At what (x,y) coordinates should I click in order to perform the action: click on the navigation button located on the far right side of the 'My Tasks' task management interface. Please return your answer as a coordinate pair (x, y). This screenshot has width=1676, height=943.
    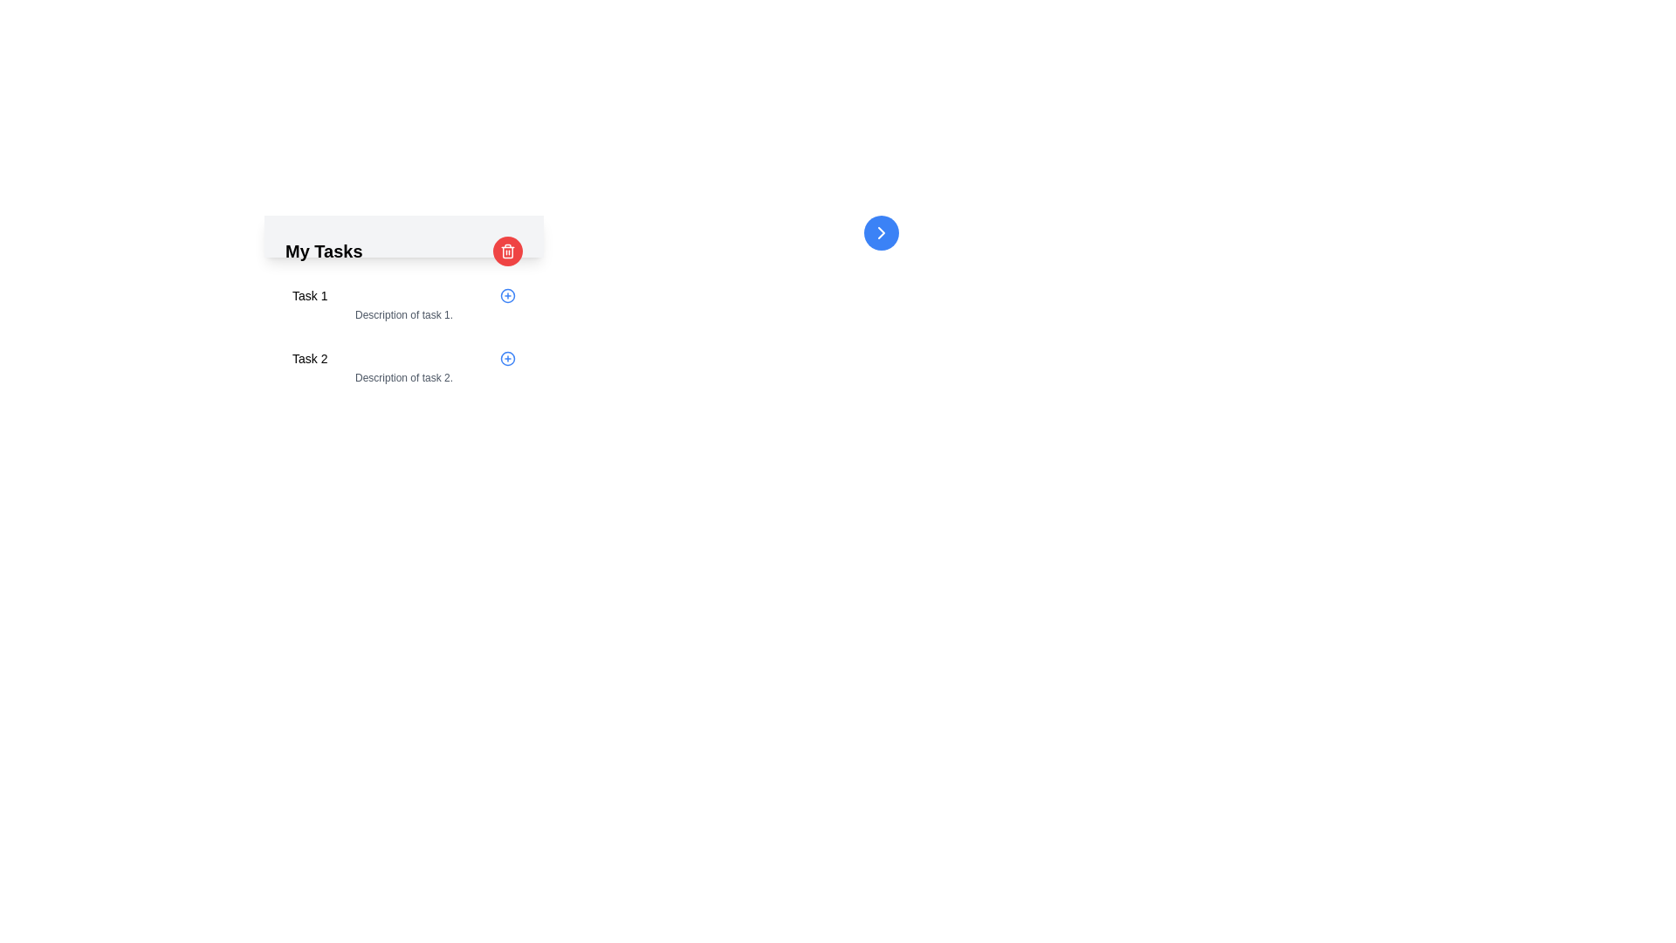
    Looking at the image, I should click on (881, 231).